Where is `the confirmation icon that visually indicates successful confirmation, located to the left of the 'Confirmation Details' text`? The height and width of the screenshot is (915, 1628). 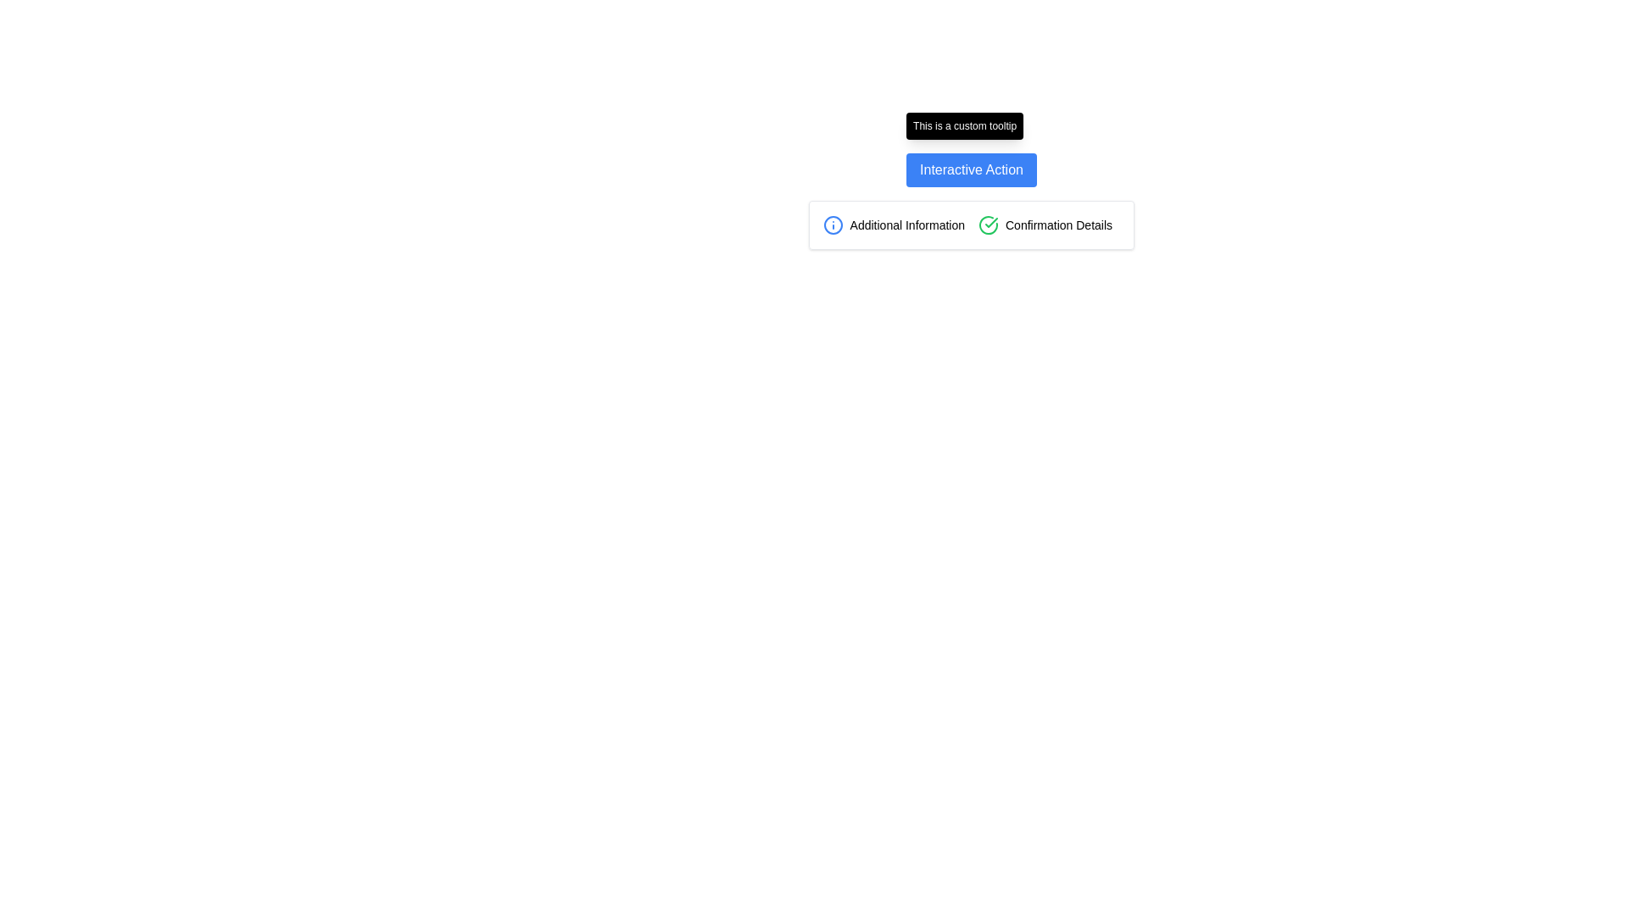
the confirmation icon that visually indicates successful confirmation, located to the left of the 'Confirmation Details' text is located at coordinates (989, 225).